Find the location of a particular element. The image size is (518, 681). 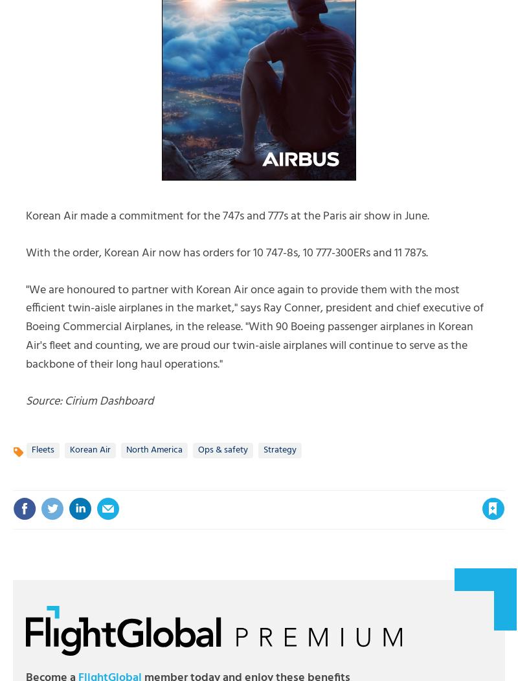

'Save article' is located at coordinates (453, 483).